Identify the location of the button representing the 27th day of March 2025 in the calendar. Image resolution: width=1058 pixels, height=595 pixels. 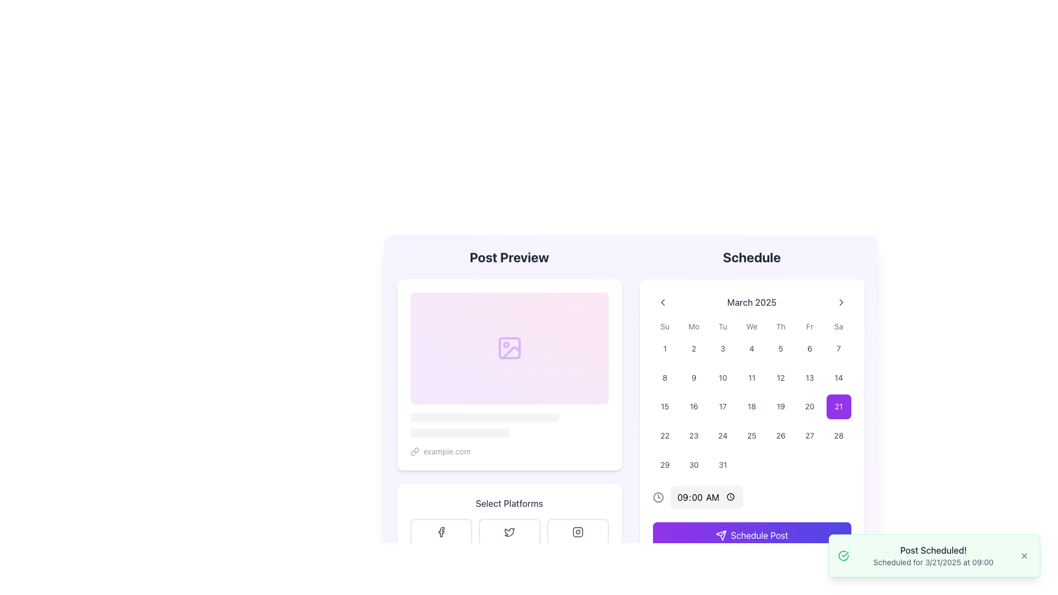
(809, 435).